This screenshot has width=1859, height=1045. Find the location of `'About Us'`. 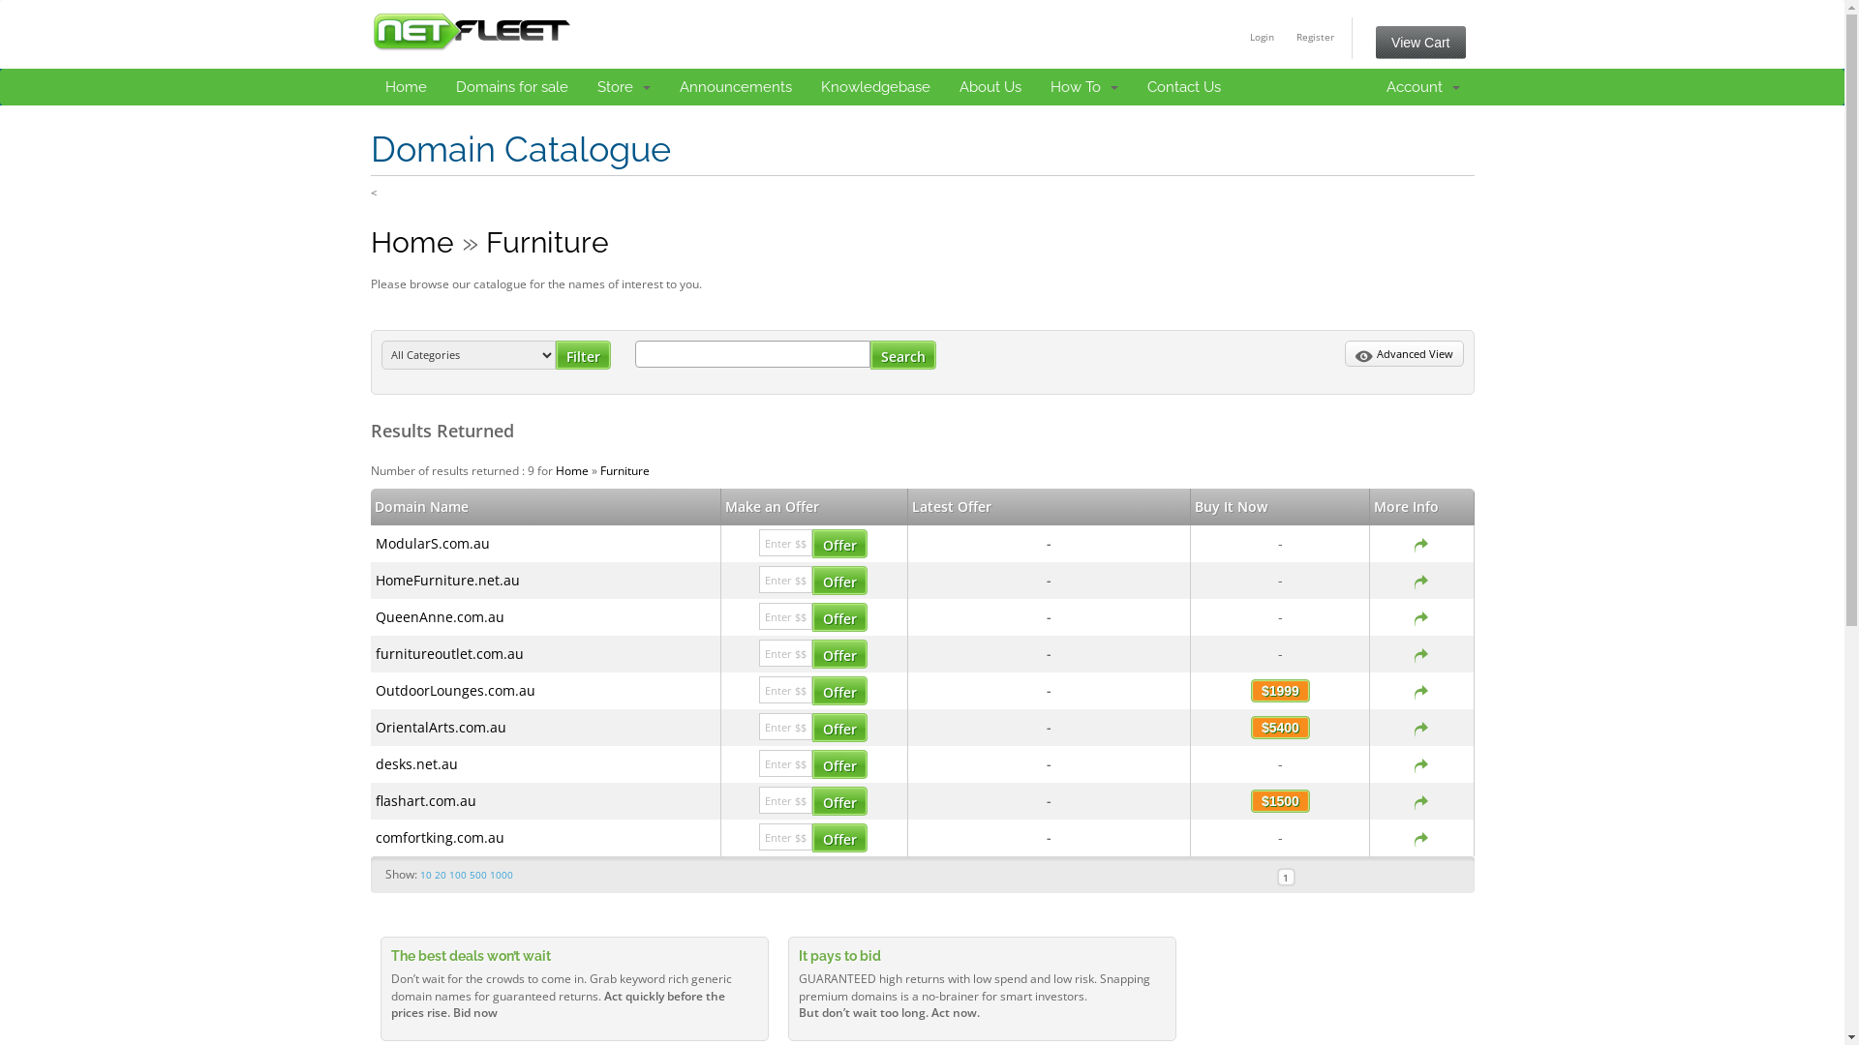

'About Us' is located at coordinates (944, 85).